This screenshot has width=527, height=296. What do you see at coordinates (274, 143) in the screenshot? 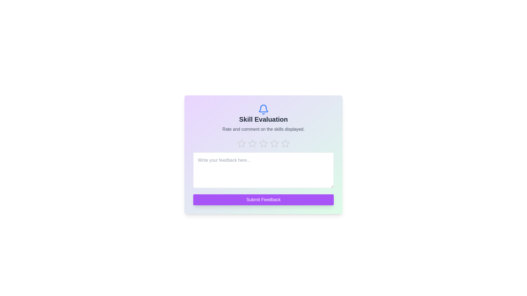
I see `the star corresponding to the rating 4` at bounding box center [274, 143].